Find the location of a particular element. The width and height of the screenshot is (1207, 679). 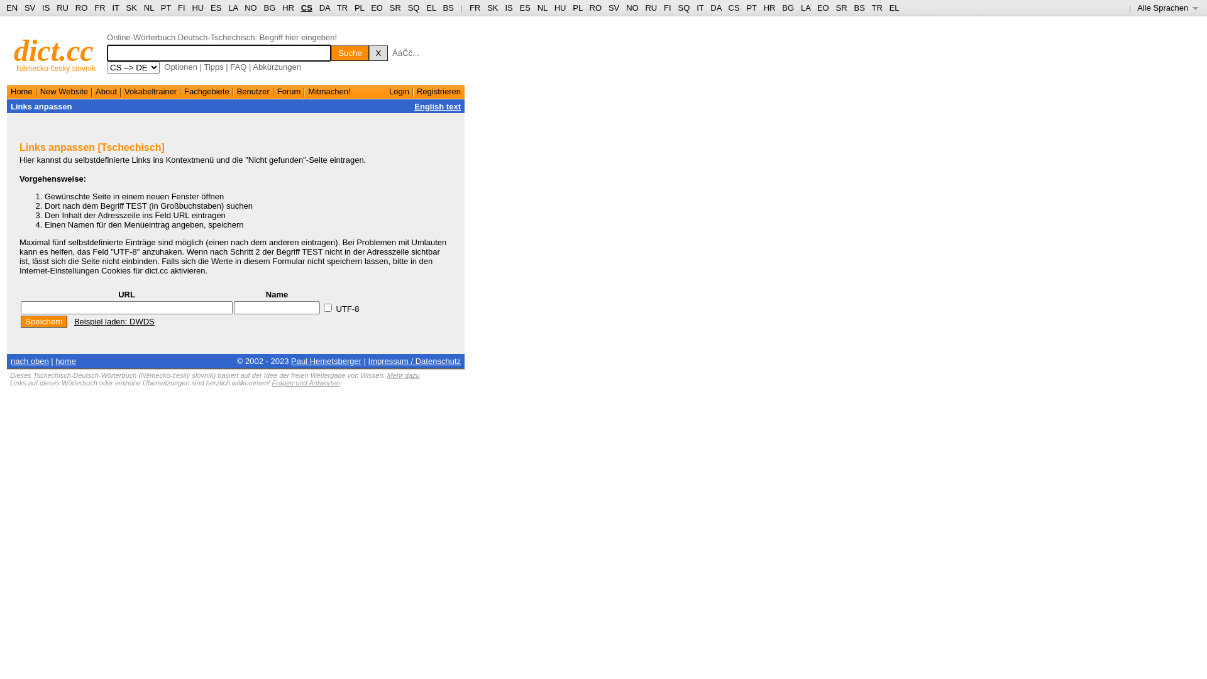

'LA' is located at coordinates (233, 8).